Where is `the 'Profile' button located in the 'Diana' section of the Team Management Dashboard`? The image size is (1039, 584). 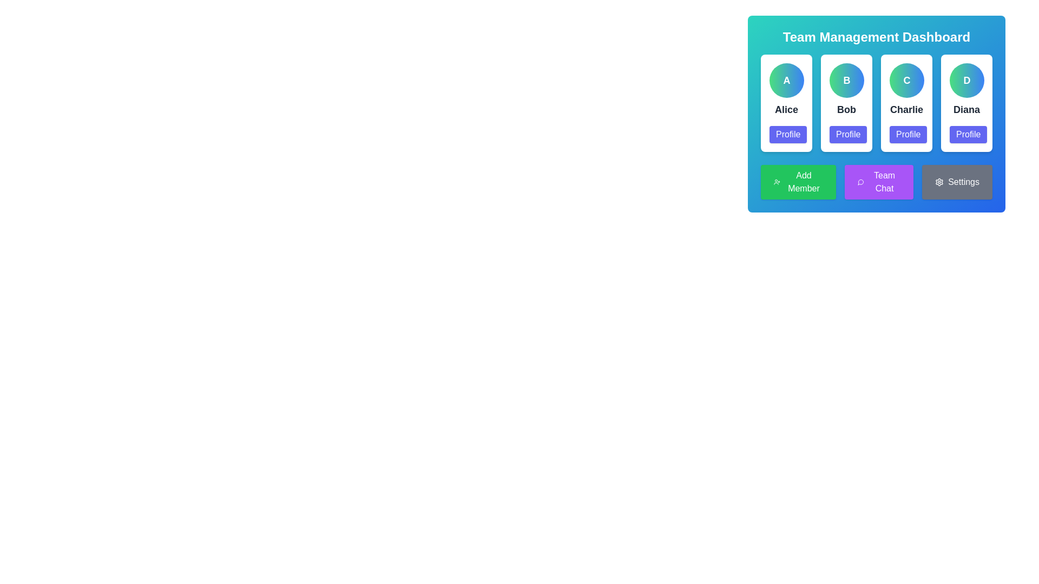 the 'Profile' button located in the 'Diana' section of the Team Management Dashboard is located at coordinates (968, 134).